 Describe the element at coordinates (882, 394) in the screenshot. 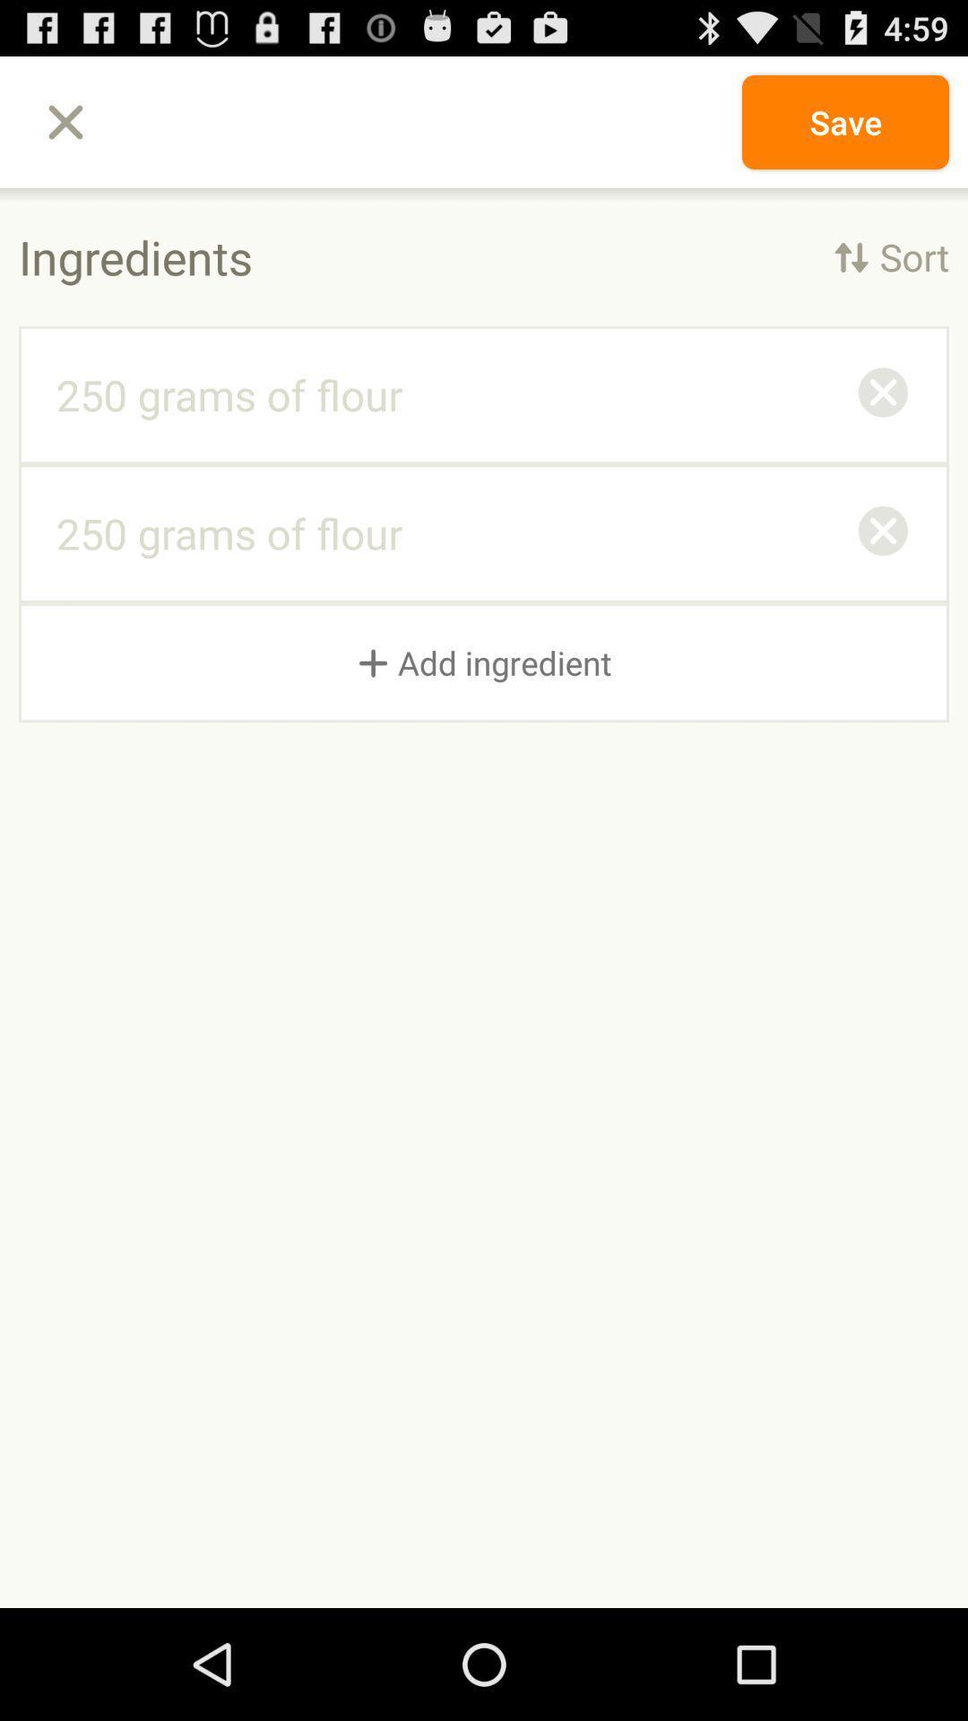

I see `the item below ingredients item` at that location.